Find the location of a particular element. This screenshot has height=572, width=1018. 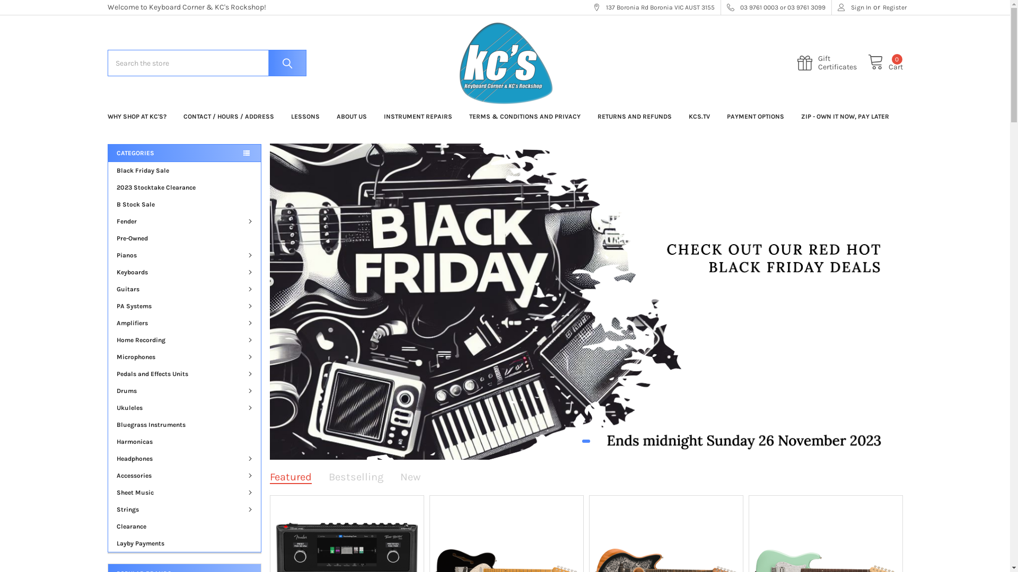

'Register' is located at coordinates (882, 7).